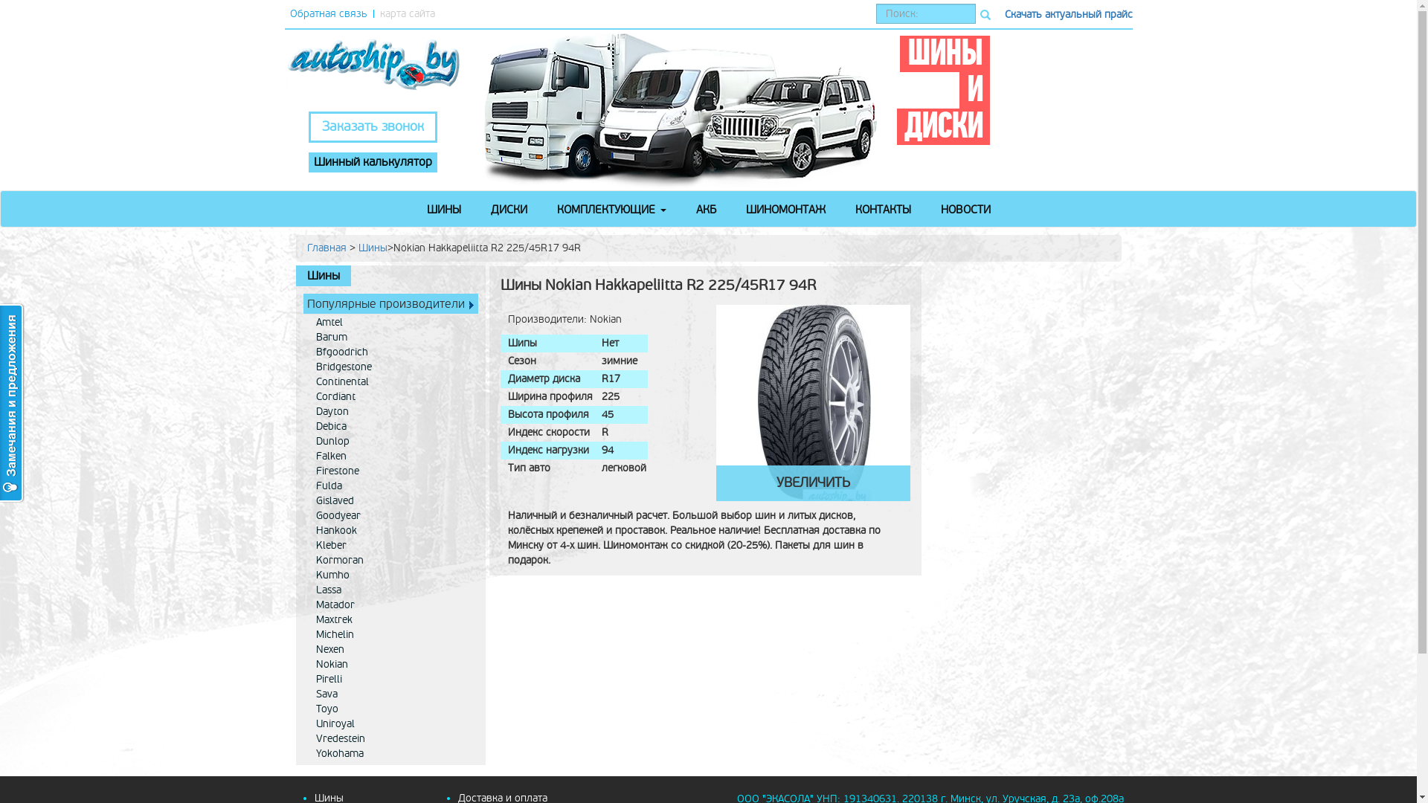 This screenshot has width=1428, height=803. What do you see at coordinates (306, 529) in the screenshot?
I see `'Hankook'` at bounding box center [306, 529].